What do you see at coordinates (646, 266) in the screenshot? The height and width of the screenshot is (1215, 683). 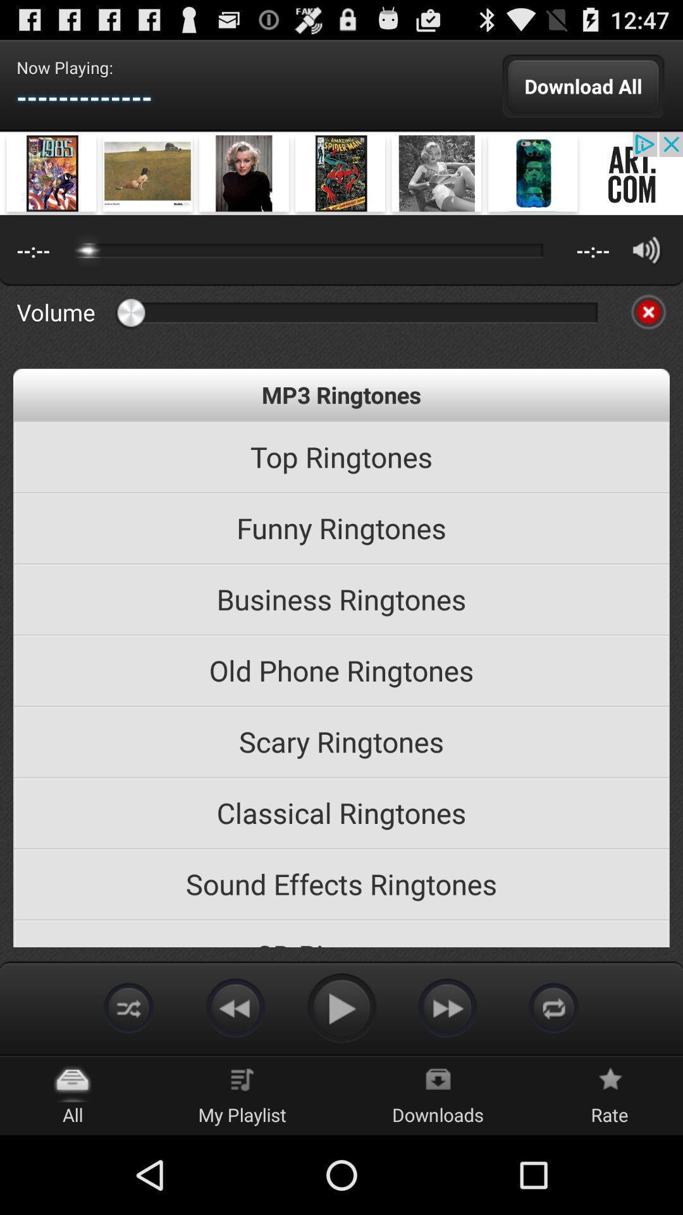 I see `the volume icon` at bounding box center [646, 266].